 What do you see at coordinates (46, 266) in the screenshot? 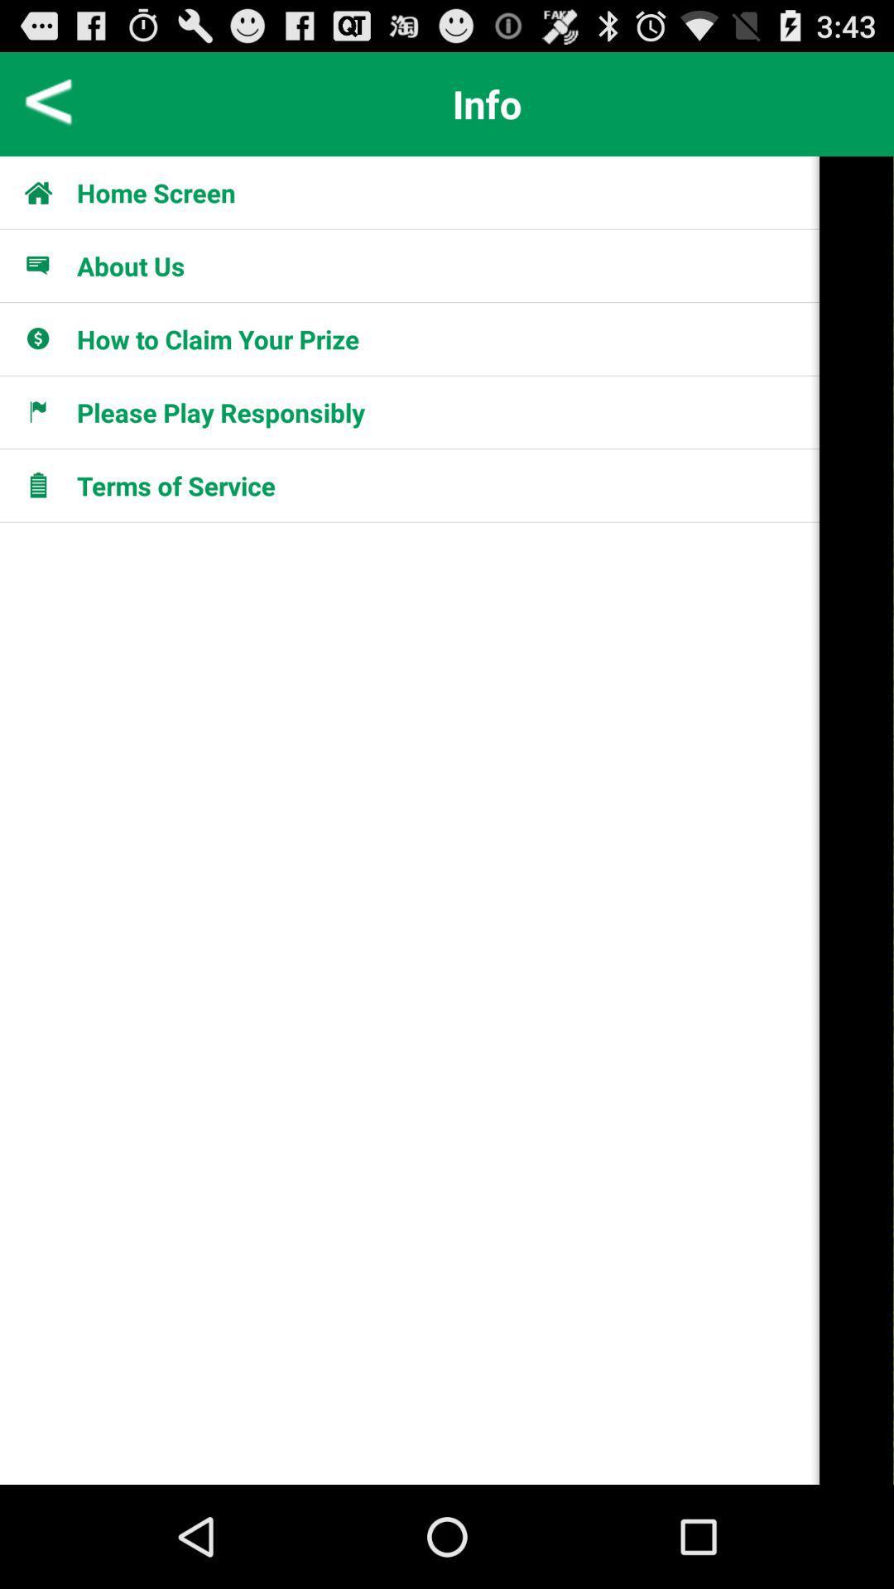
I see `item next to the about us icon` at bounding box center [46, 266].